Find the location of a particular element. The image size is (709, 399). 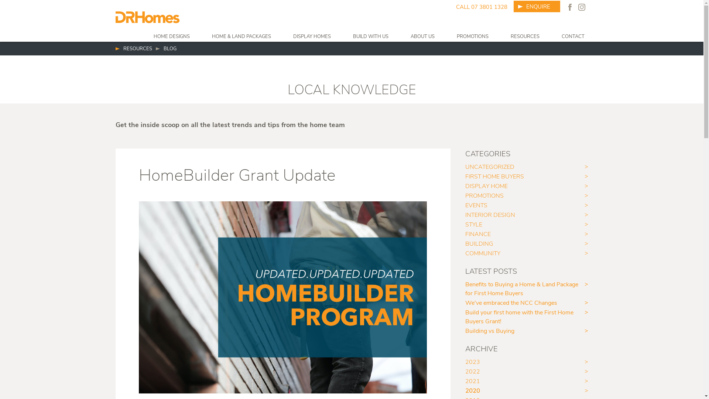

'2023' is located at coordinates (526, 361).